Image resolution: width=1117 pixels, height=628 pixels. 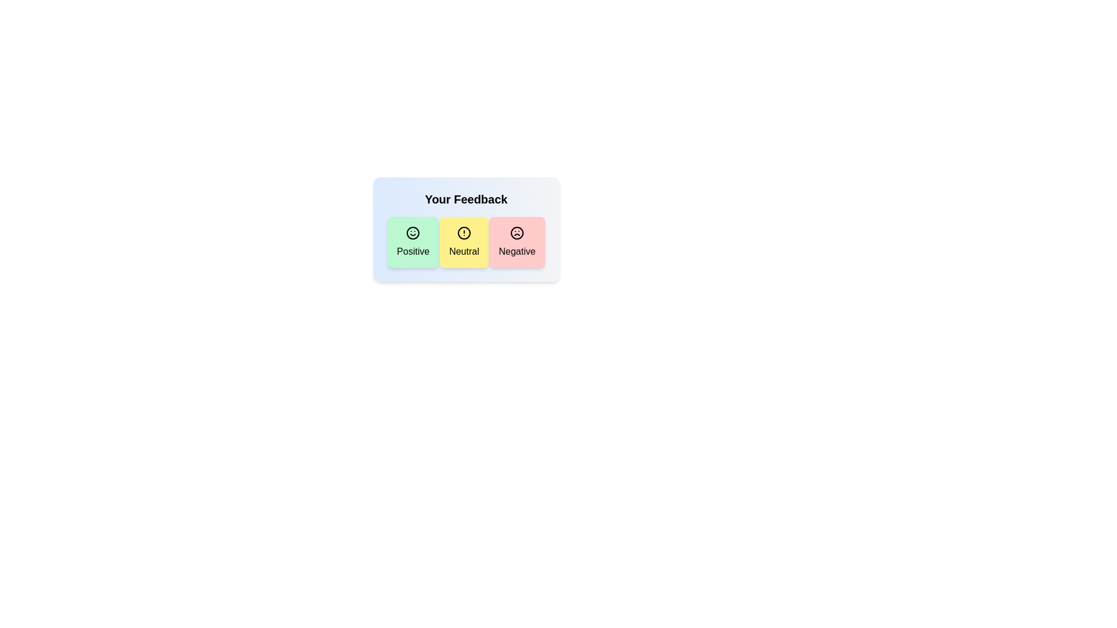 What do you see at coordinates (413, 233) in the screenshot?
I see `the circle element with a radius of 10 pixels located at the center of the 'Positive' feedback button in the feedback selection interface` at bounding box center [413, 233].